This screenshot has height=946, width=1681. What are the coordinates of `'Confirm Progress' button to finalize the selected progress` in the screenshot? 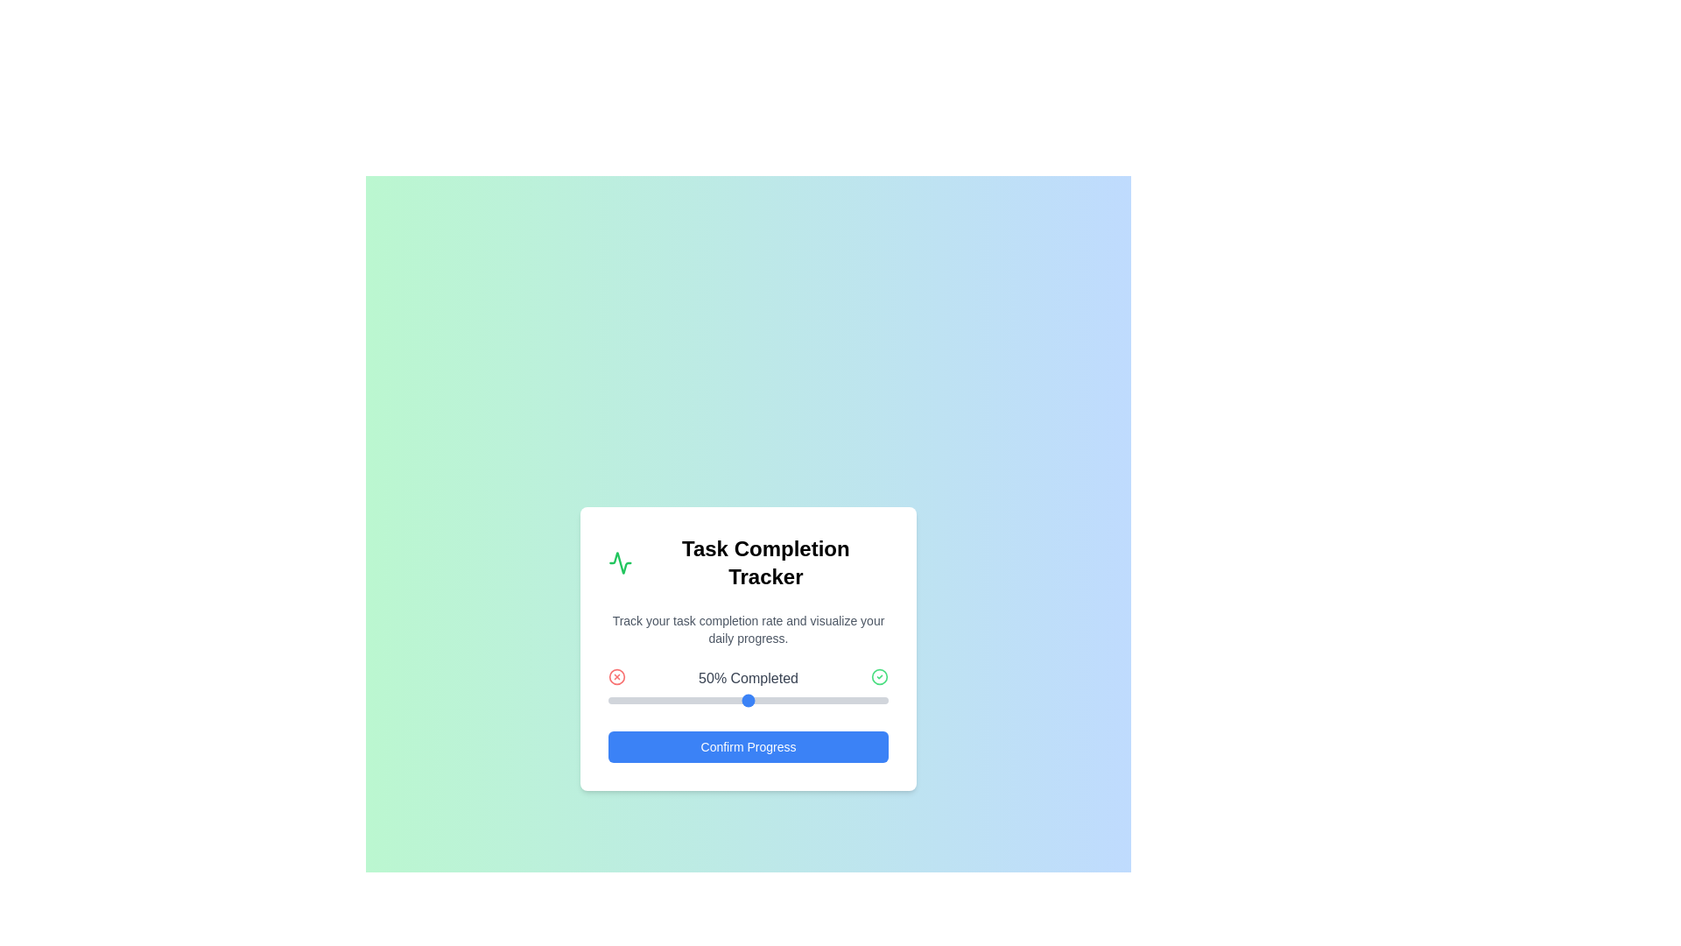 It's located at (748, 746).